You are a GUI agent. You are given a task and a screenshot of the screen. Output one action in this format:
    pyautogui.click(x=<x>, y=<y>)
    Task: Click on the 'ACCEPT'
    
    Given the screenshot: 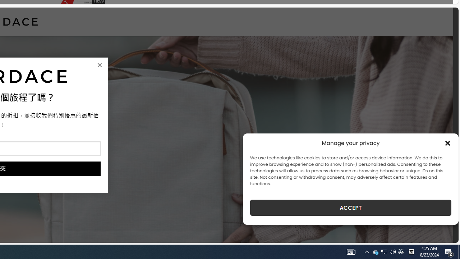 What is the action you would take?
    pyautogui.click(x=351, y=208)
    